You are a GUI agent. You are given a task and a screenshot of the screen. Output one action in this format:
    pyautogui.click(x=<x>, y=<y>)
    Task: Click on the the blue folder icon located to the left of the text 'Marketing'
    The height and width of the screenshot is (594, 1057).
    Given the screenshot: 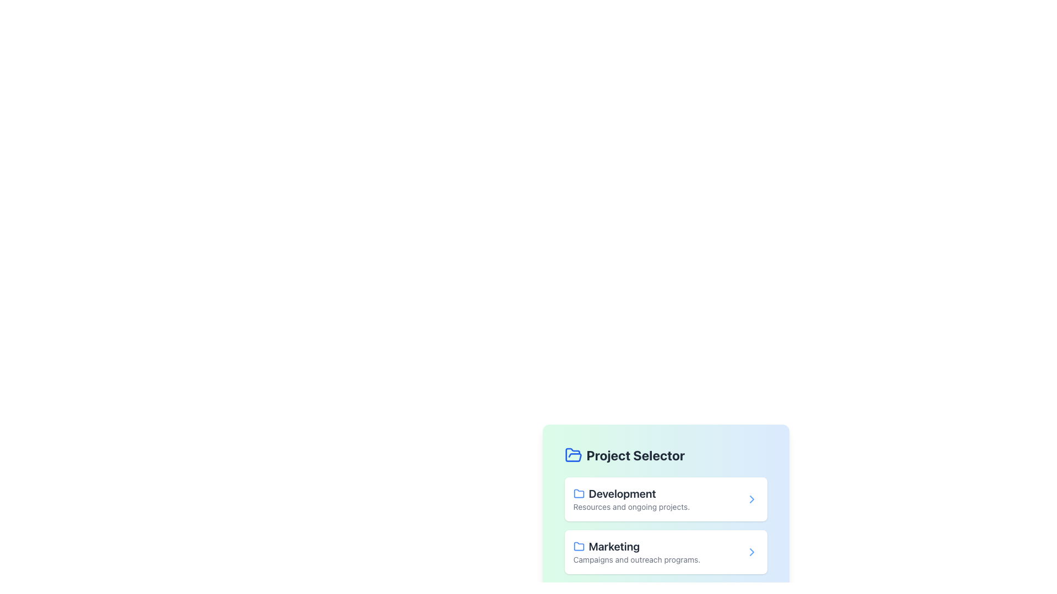 What is the action you would take?
    pyautogui.click(x=578, y=547)
    